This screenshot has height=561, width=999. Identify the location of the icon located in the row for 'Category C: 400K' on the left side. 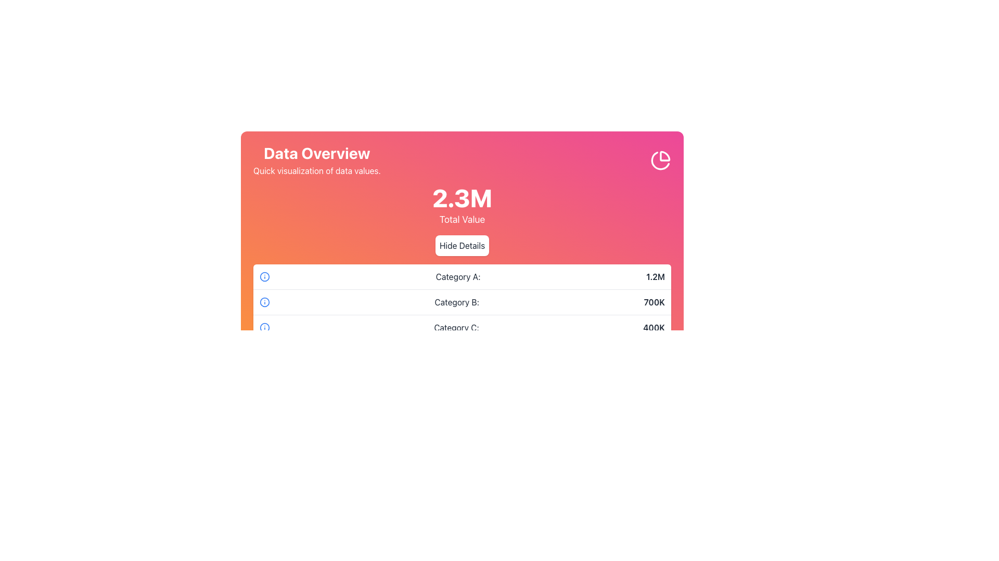
(264, 328).